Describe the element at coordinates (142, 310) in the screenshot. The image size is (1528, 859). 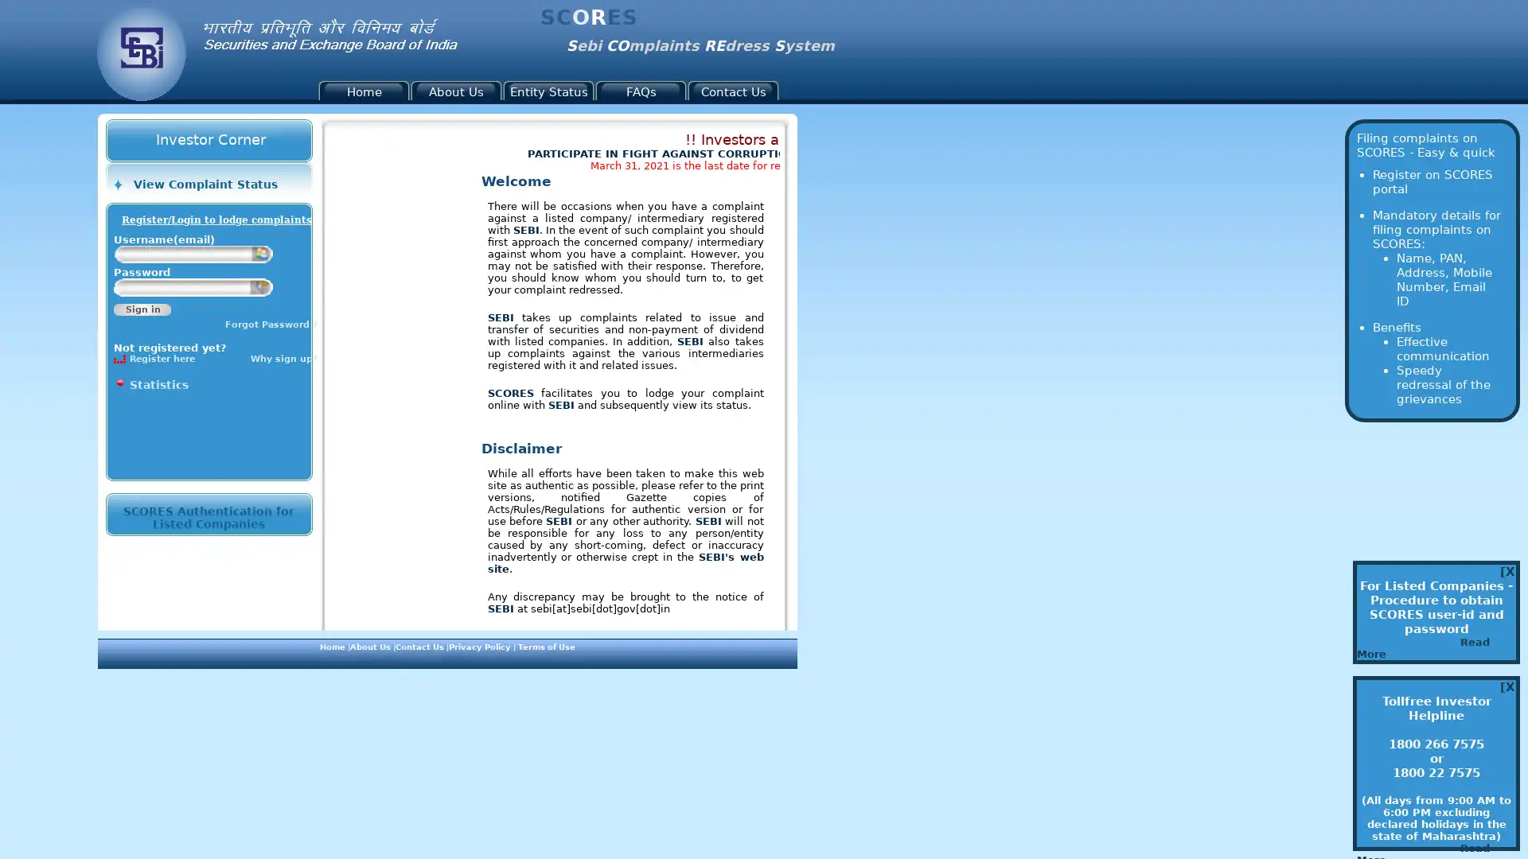
I see `Sign in` at that location.